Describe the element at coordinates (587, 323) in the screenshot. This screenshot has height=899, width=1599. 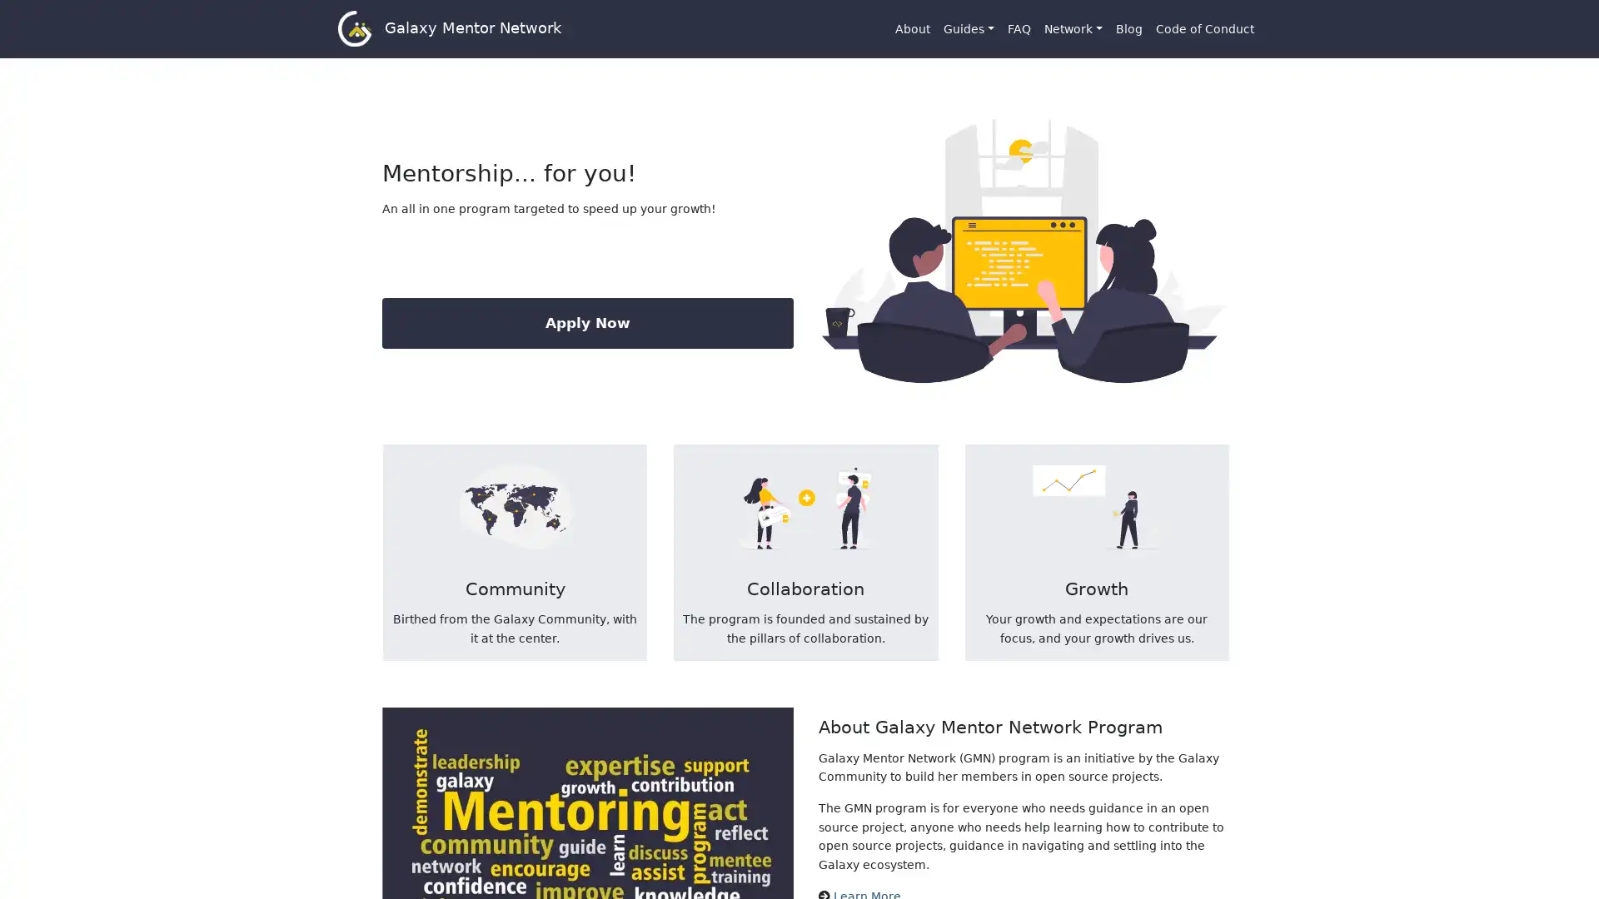
I see `Apply Now` at that location.